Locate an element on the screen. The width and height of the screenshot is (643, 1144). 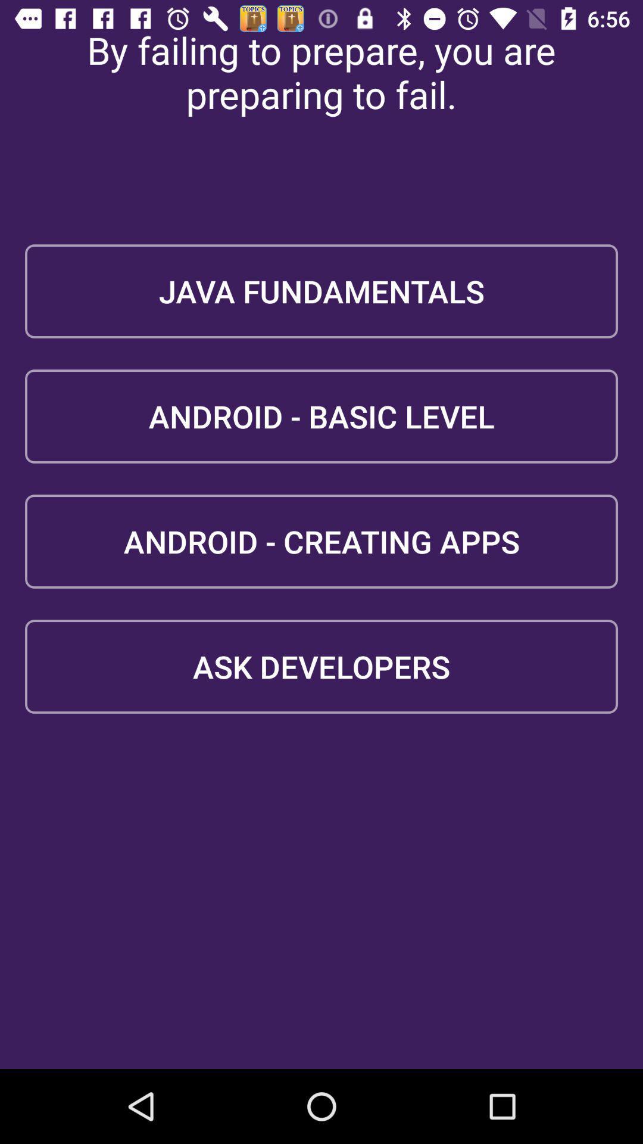
icon above ask developers item is located at coordinates (321, 540).